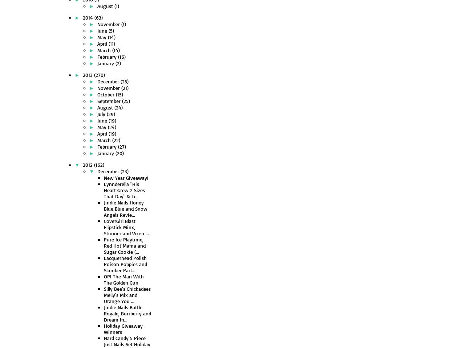 The width and height of the screenshot is (454, 348). I want to click on '(11)', so click(112, 43).